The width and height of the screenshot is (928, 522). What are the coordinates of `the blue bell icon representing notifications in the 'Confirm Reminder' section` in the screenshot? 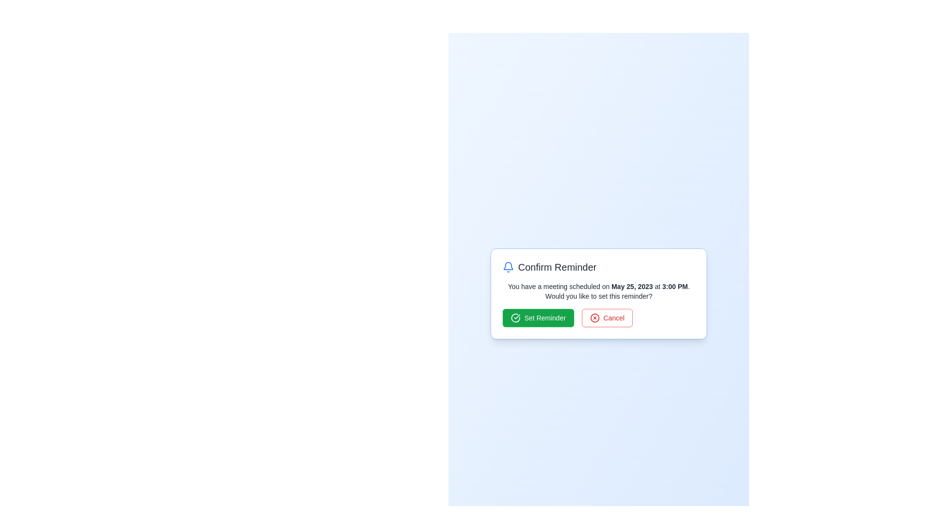 It's located at (507, 267).